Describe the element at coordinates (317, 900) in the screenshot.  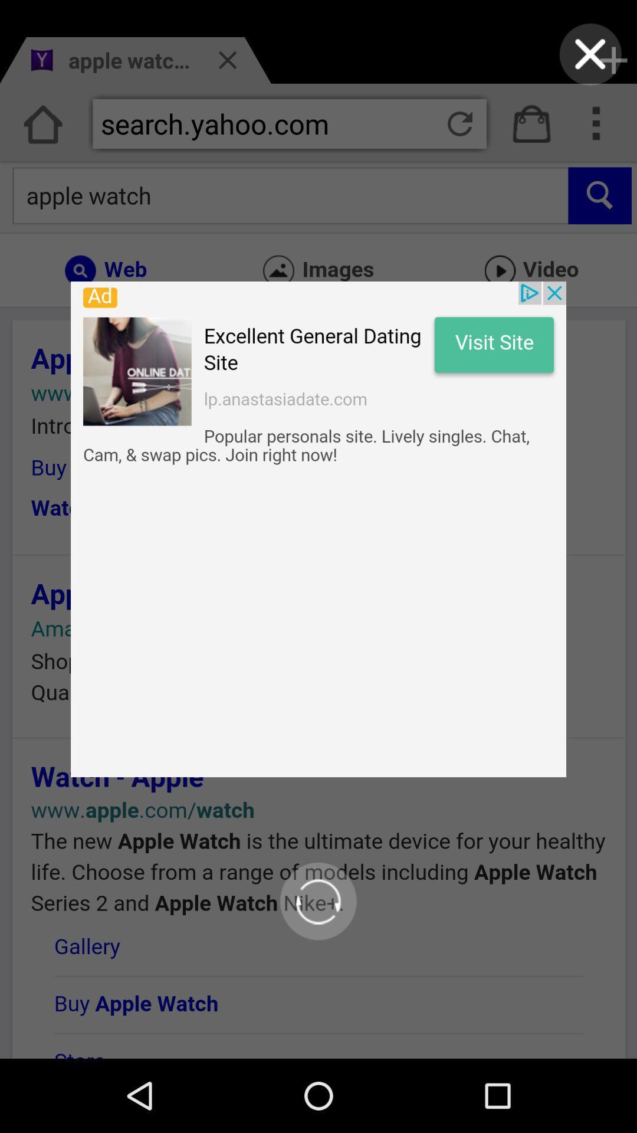
I see `refresh` at that location.